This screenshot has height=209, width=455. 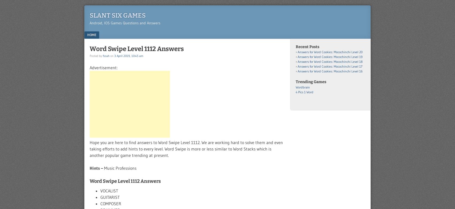 What do you see at coordinates (330, 61) in the screenshot?
I see `'Answers for Word Cookies: Mocochinchi Level 18'` at bounding box center [330, 61].